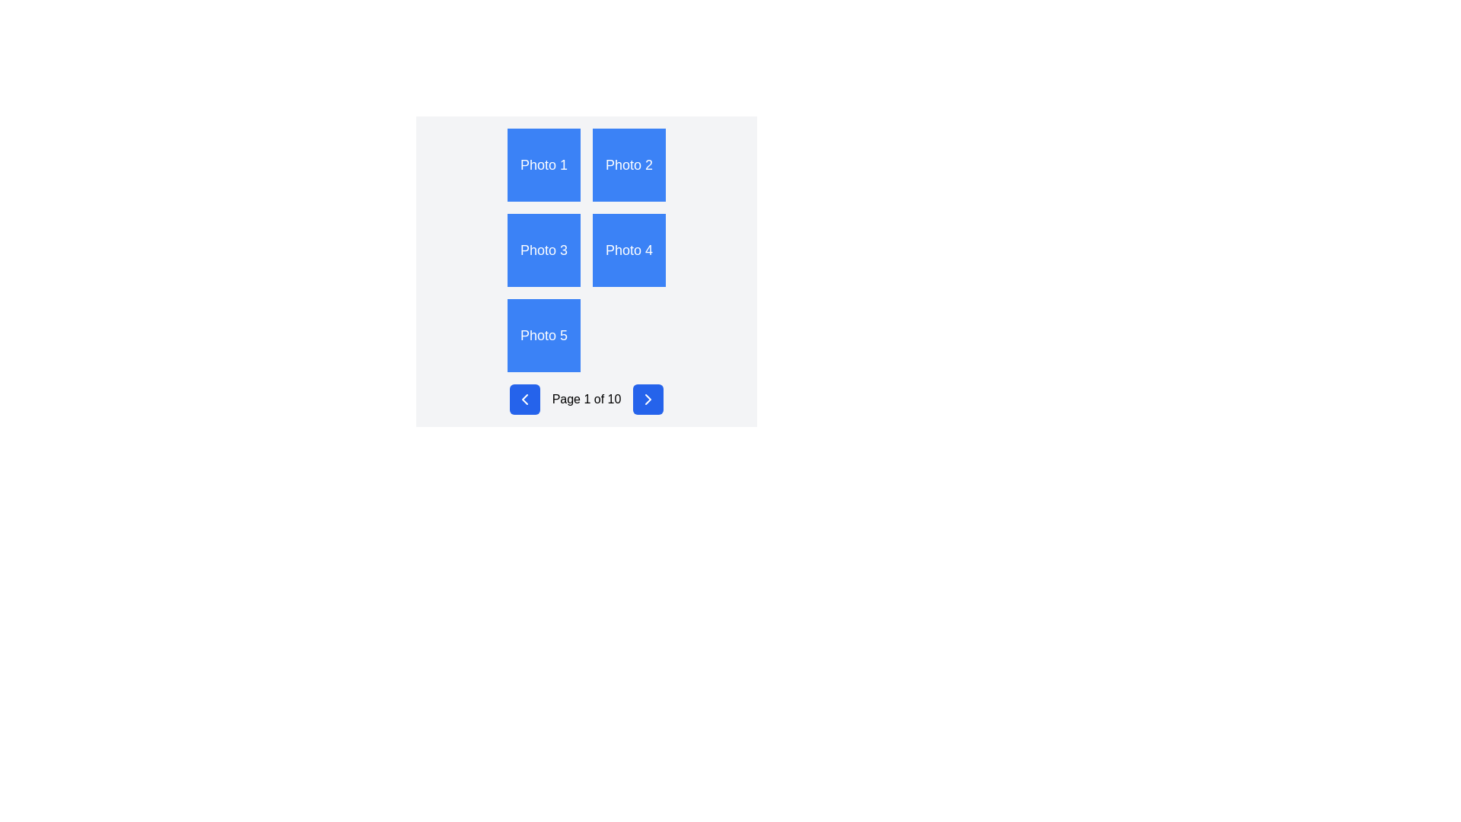  I want to click on the center of the rightward-pointing chevron SVG icon embedded in the pagination navigation button, so click(648, 398).